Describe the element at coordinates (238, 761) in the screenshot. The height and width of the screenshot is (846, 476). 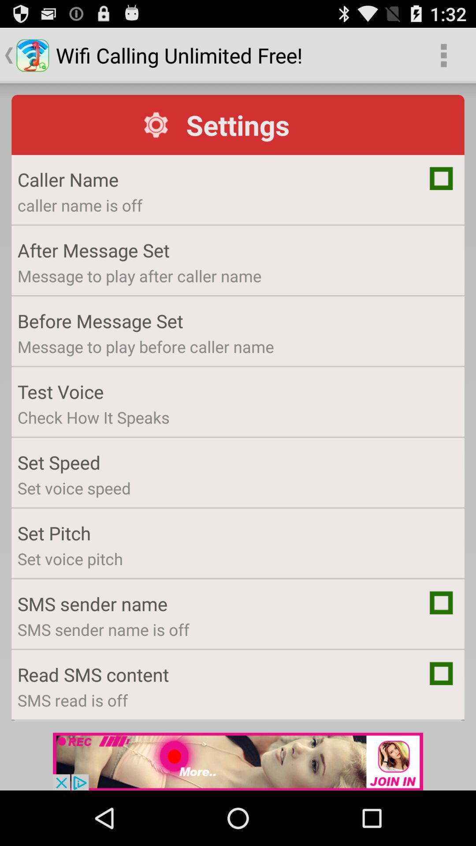
I see `the advertisement` at that location.